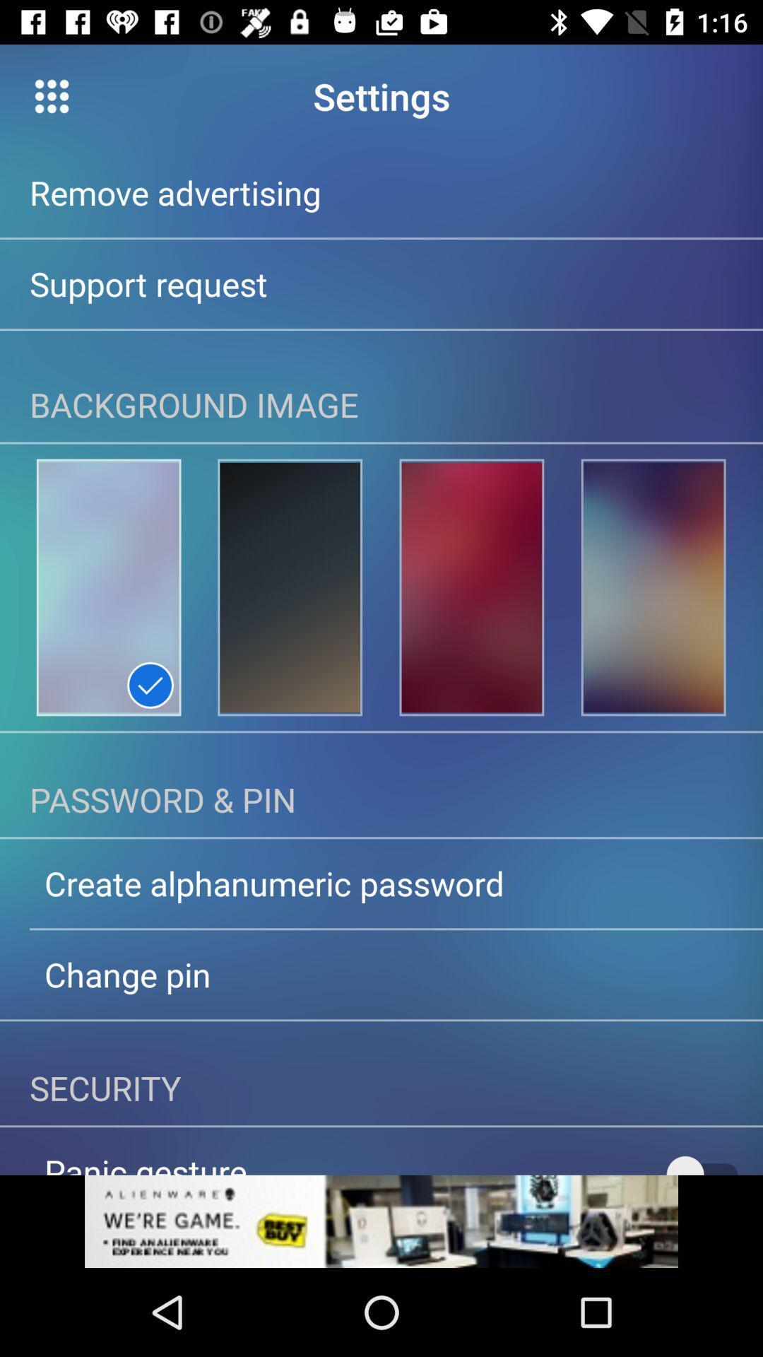  Describe the element at coordinates (108, 587) in the screenshot. I see `background image` at that location.